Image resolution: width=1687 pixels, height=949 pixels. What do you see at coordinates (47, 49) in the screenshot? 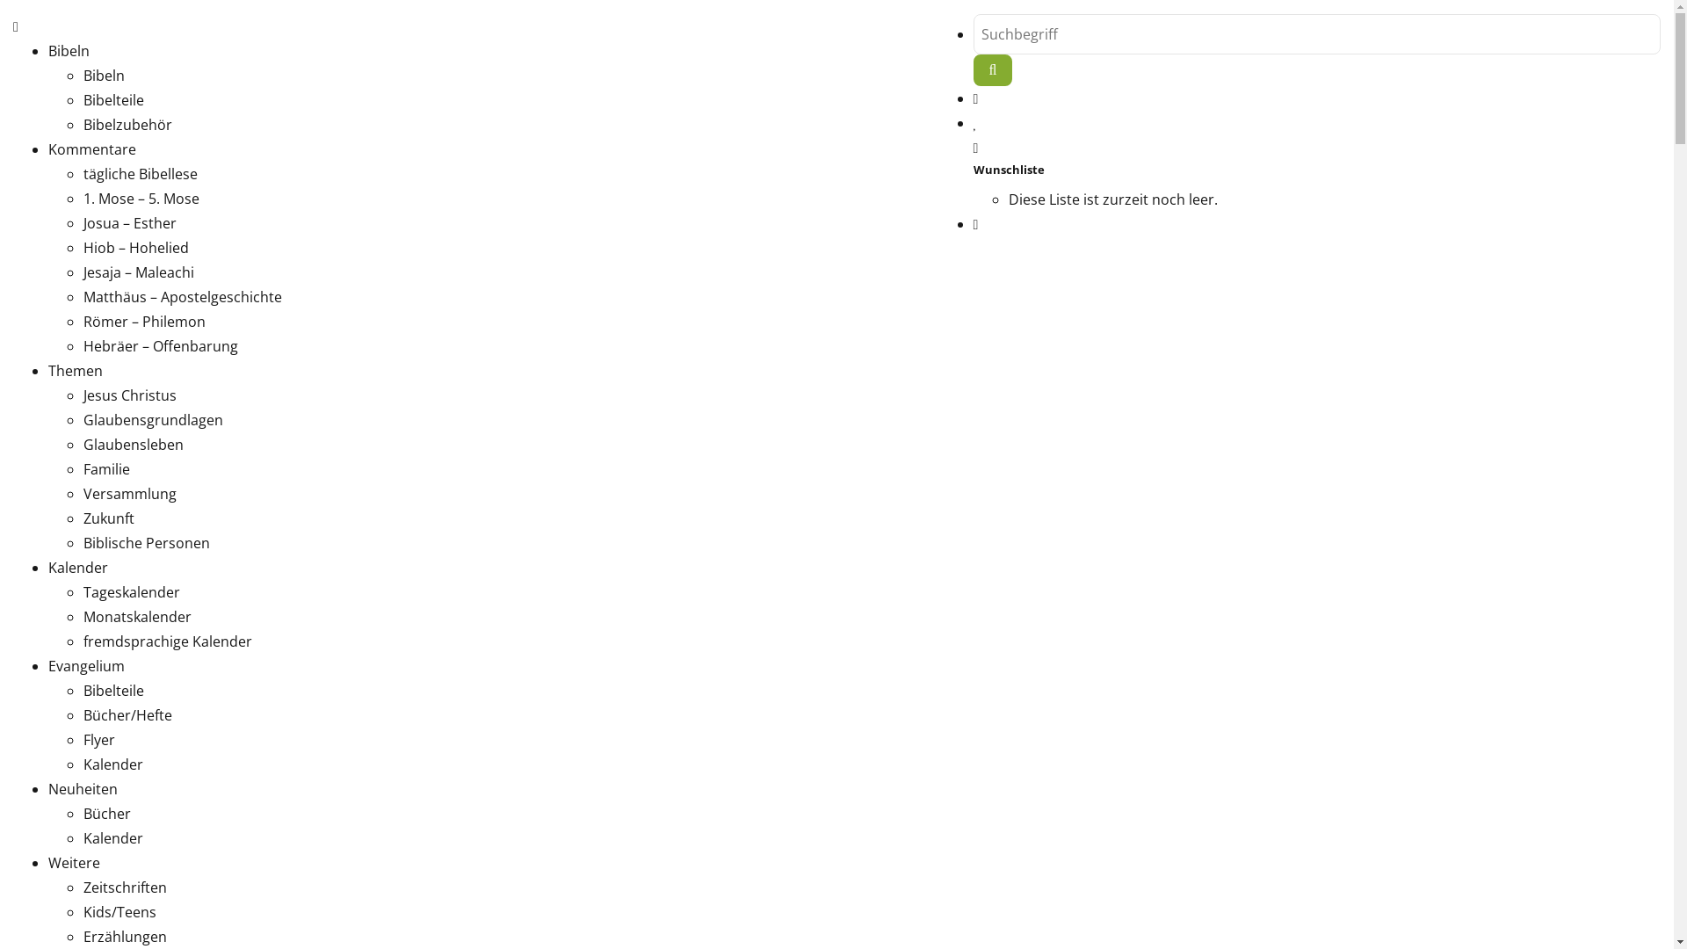
I see `'Bibeln'` at bounding box center [47, 49].